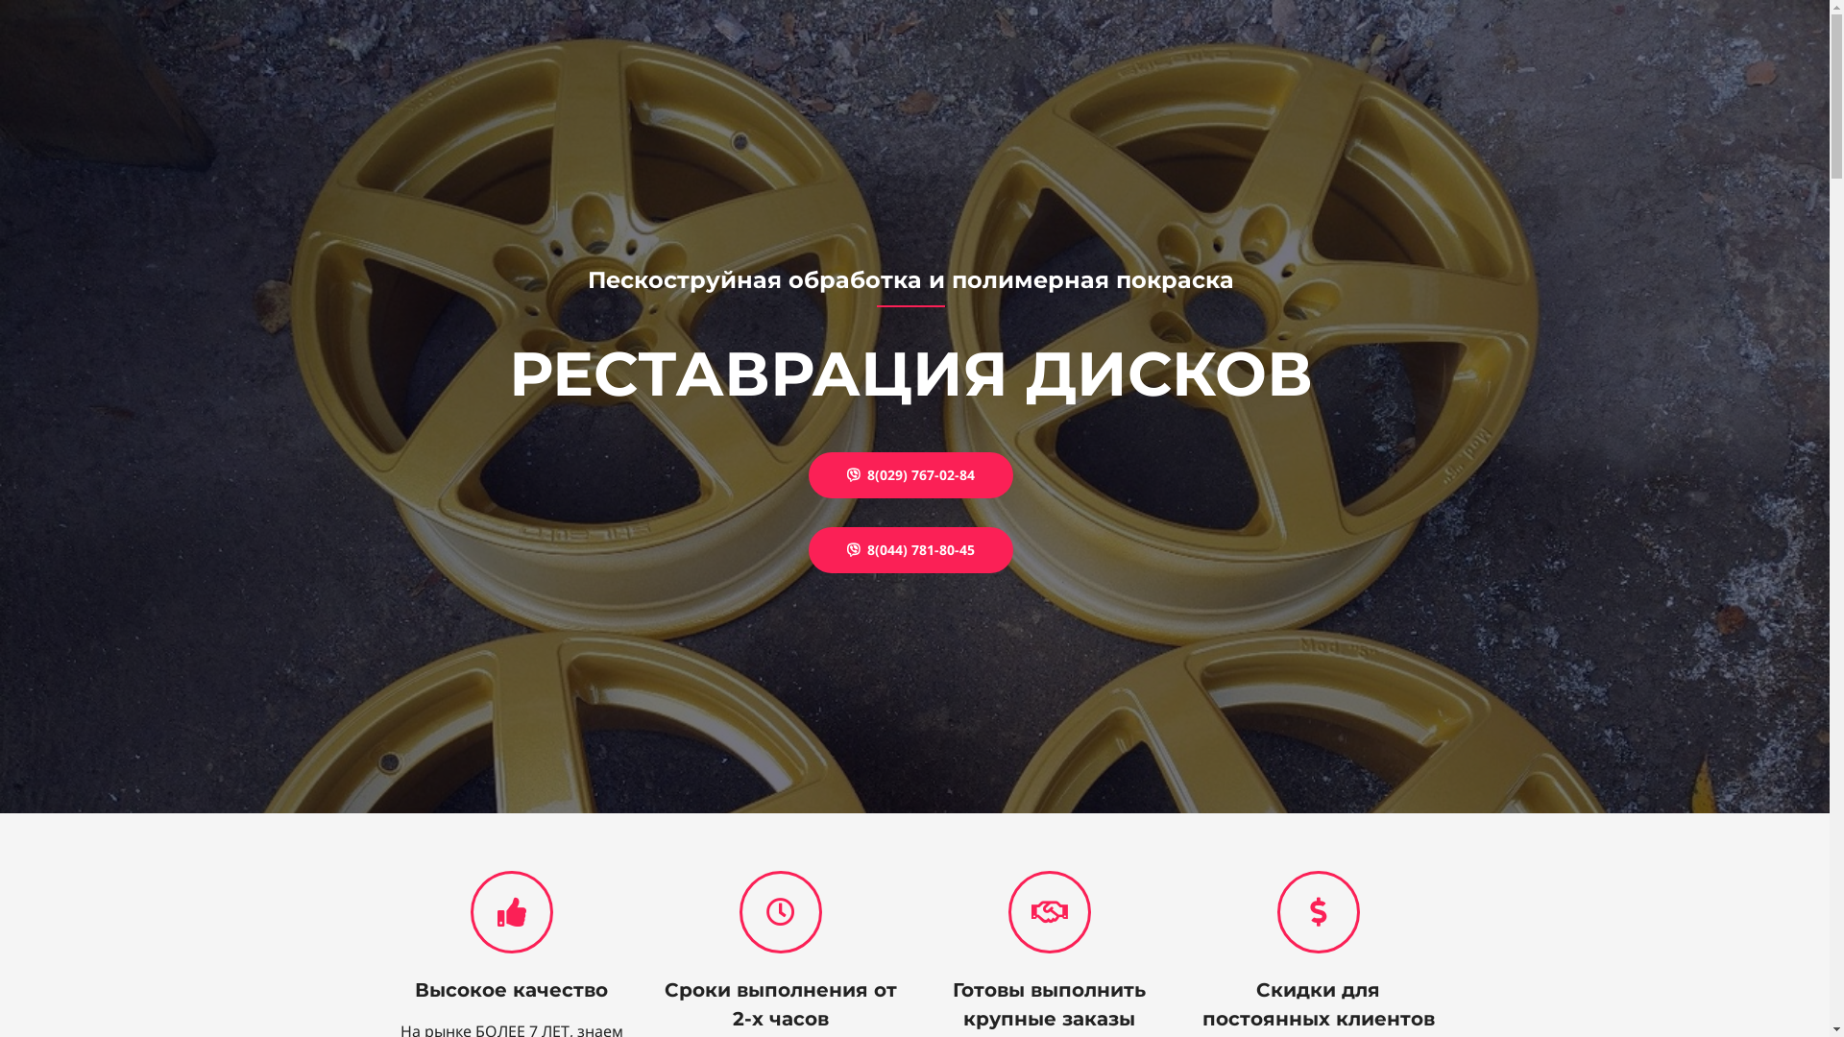 The image size is (1844, 1037). Describe the element at coordinates (910, 550) in the screenshot. I see `'8(044) 781-80-45'` at that location.